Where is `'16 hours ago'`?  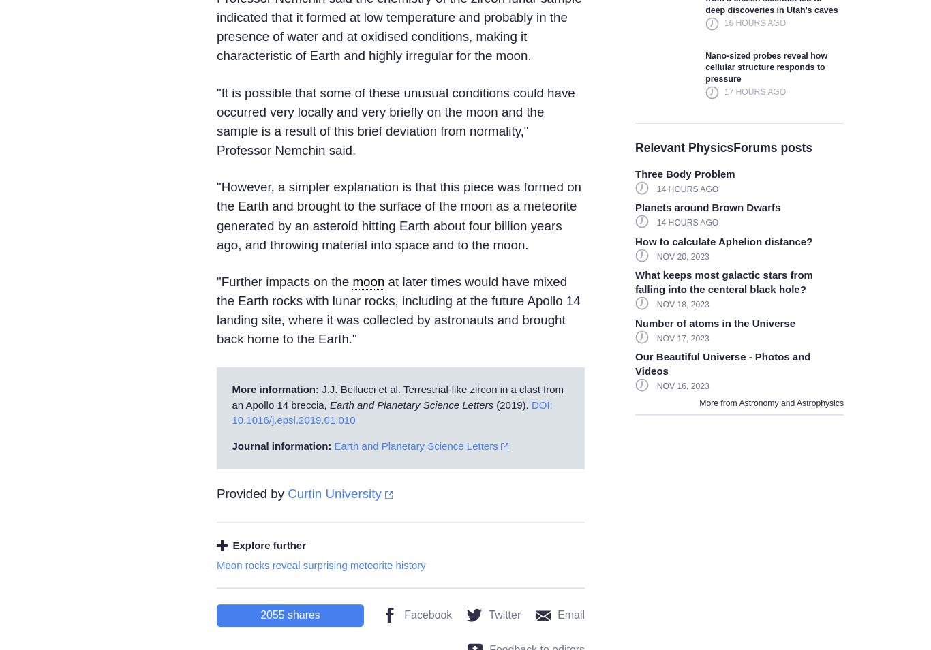 '16 hours ago' is located at coordinates (754, 22).